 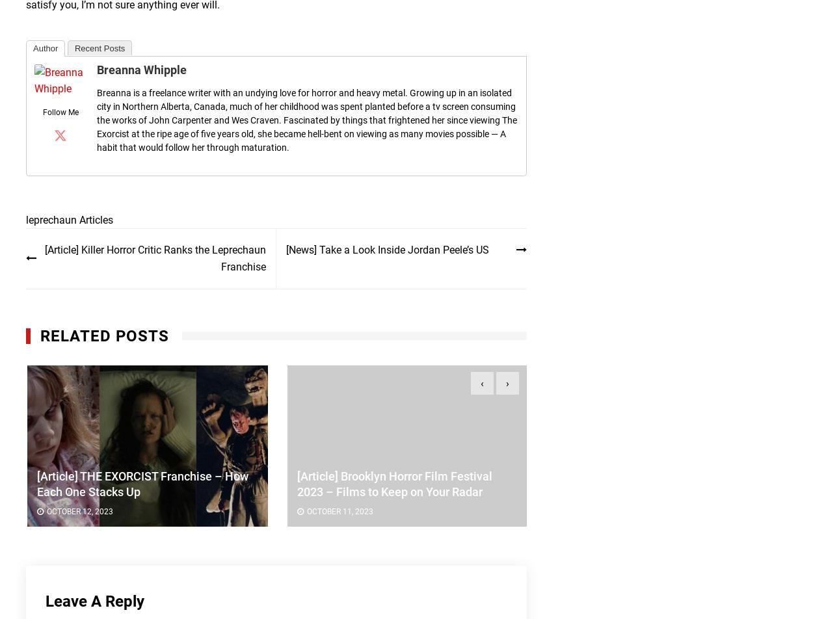 I want to click on '[Article] Brooklyn Horror Film Festival 2023 – Films to Keep on Your Radar', so click(x=393, y=484).